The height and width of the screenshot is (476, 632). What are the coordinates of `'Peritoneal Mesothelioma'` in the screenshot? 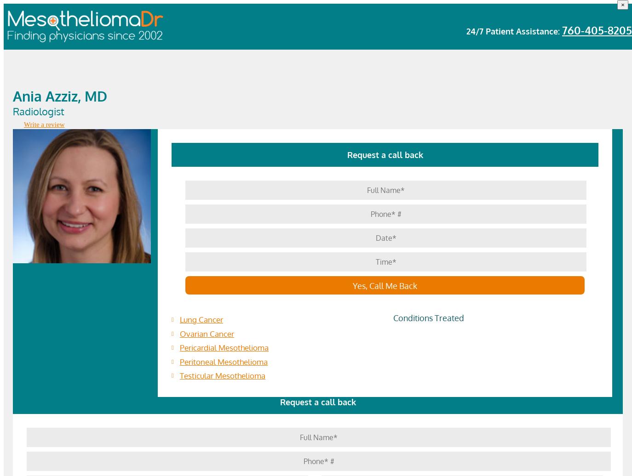 It's located at (224, 361).